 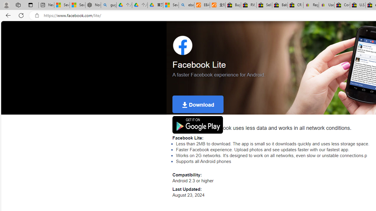 What do you see at coordinates (264, 5) in the screenshot?
I see `'Sell worldwide with eBay'` at bounding box center [264, 5].